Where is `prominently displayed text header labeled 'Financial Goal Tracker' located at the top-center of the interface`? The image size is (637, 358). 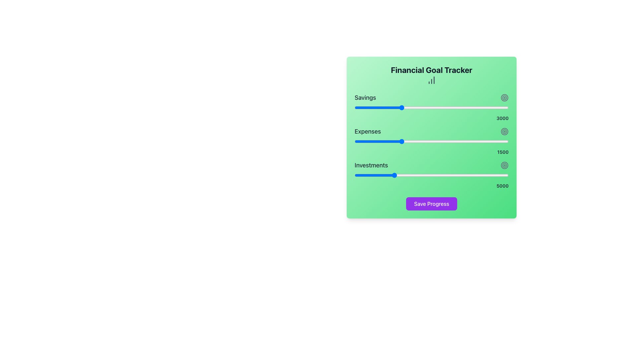
prominently displayed text header labeled 'Financial Goal Tracker' located at the top-center of the interface is located at coordinates (431, 70).